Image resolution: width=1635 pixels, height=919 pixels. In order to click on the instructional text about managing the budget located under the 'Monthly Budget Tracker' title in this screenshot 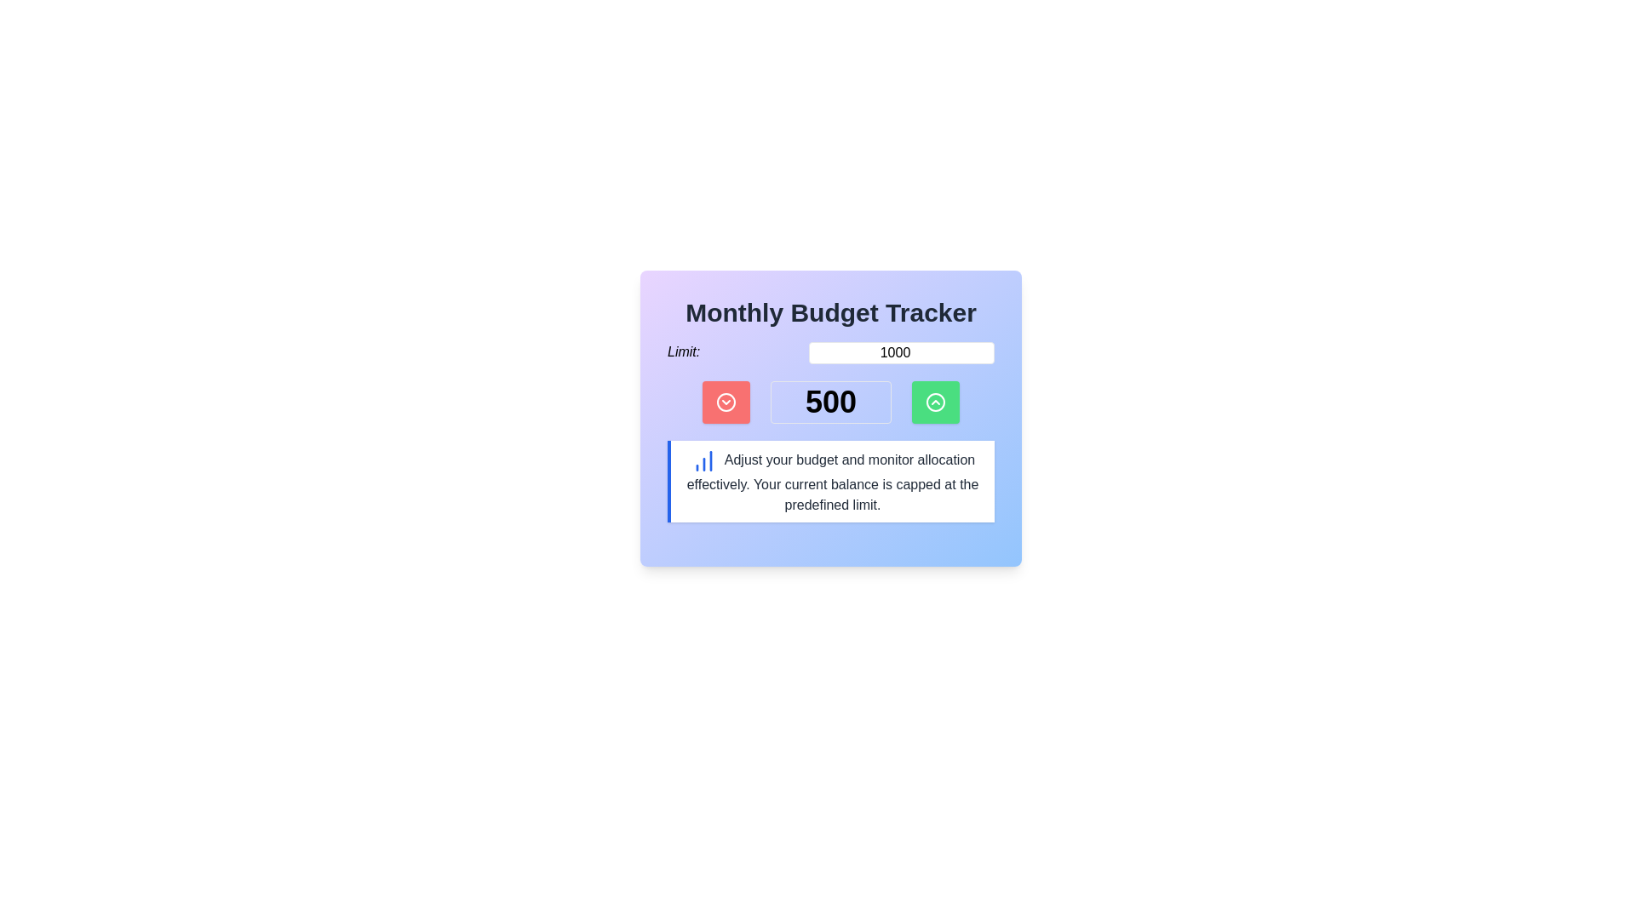, I will do `click(833, 482)`.